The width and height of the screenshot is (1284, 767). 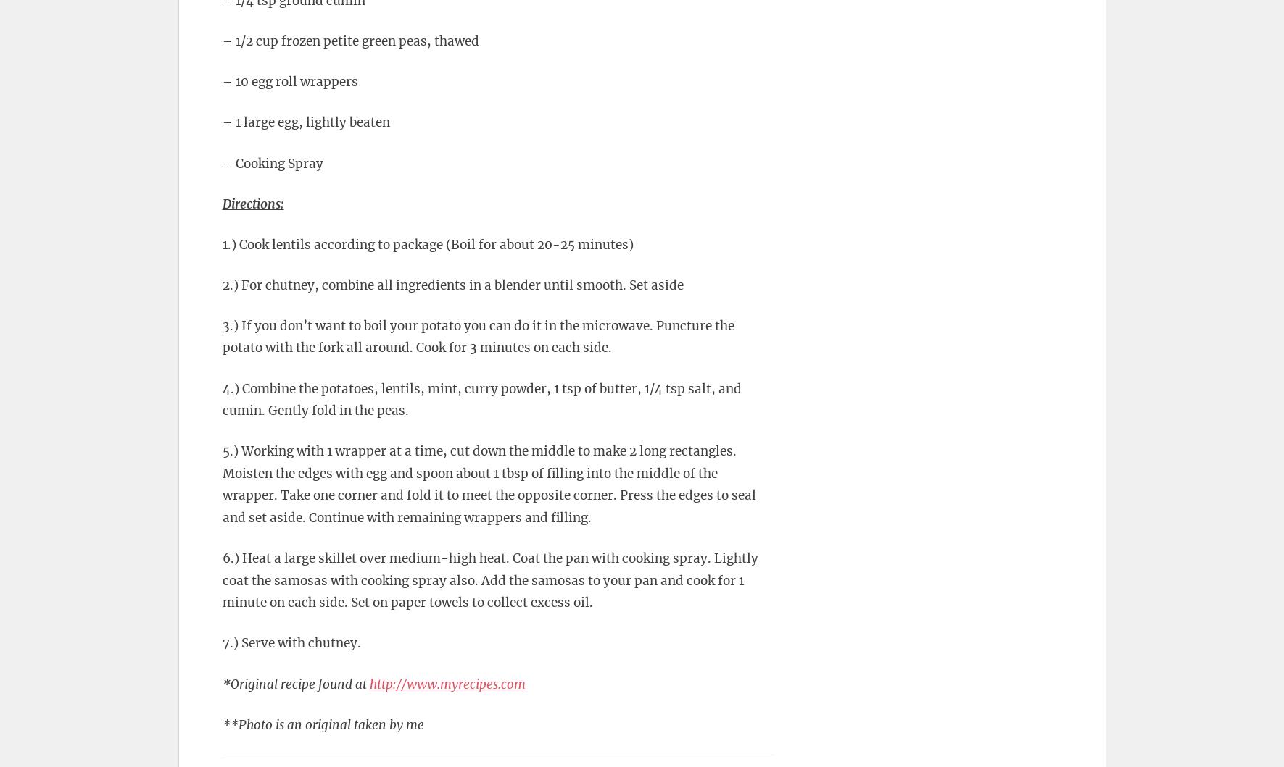 I want to click on 'Directions:', so click(x=252, y=203).